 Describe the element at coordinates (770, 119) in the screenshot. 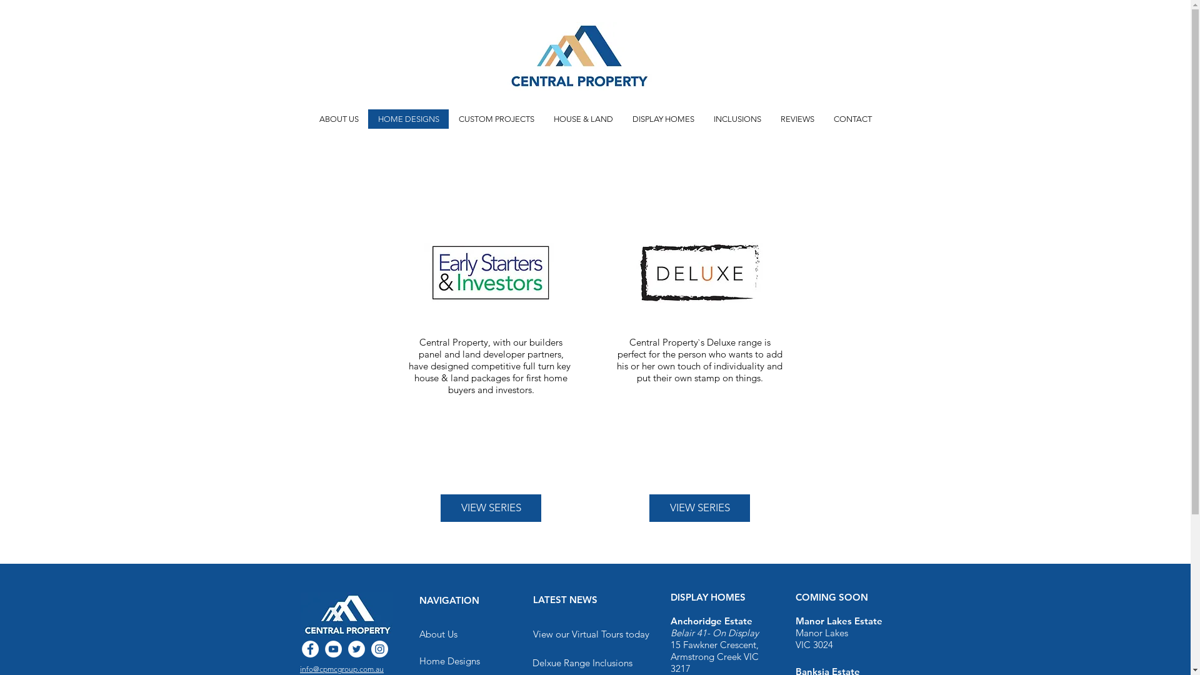

I see `'REVIEWS'` at that location.